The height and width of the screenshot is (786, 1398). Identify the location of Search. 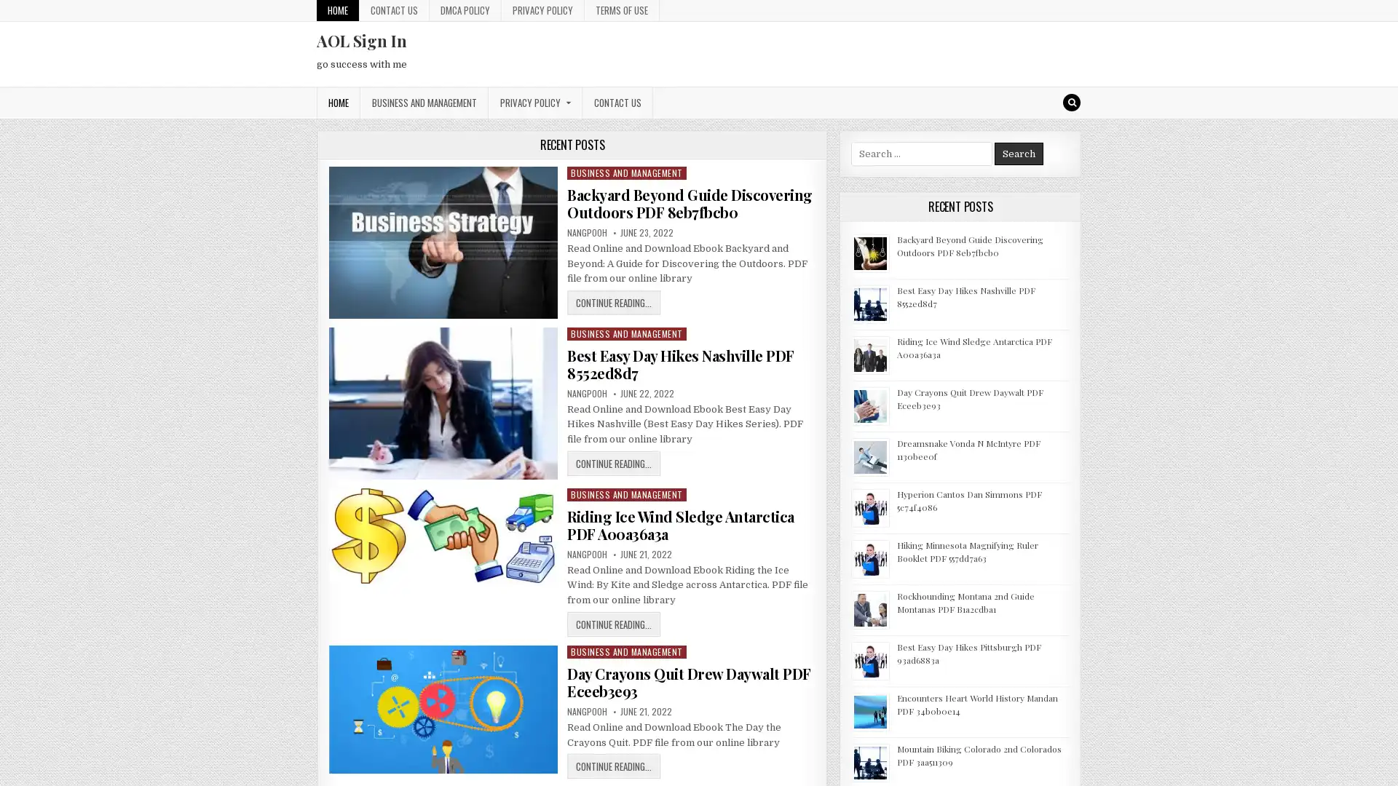
(1018, 154).